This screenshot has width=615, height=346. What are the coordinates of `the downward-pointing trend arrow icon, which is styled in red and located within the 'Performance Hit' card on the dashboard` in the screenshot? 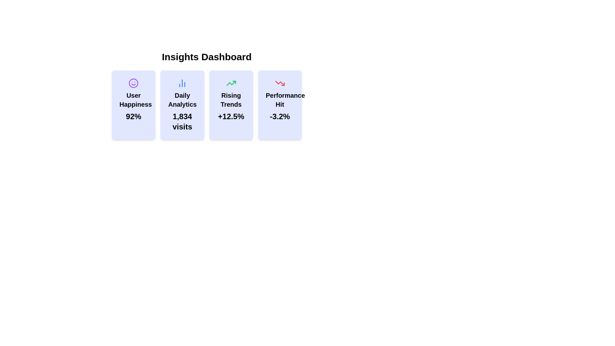 It's located at (280, 83).